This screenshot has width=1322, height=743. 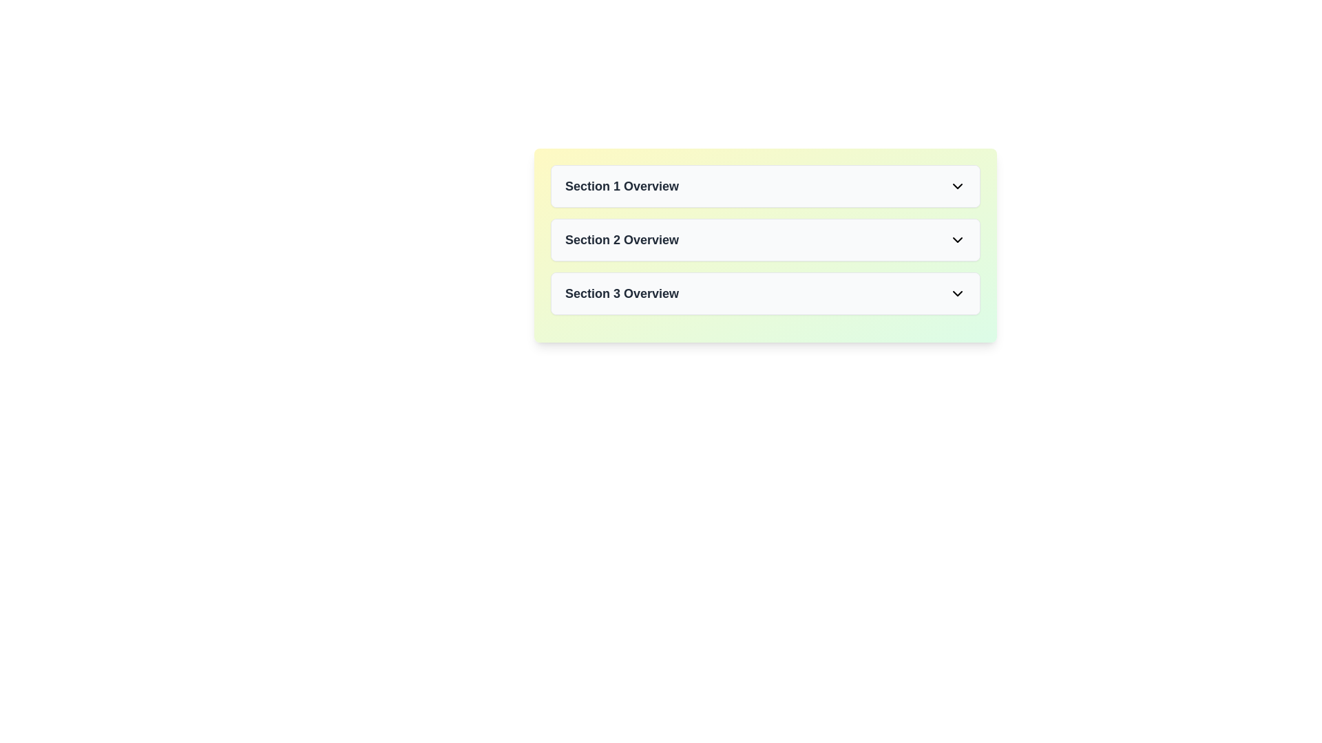 I want to click on the downward-facing chevron arrow icon located on the far-right side of the 'Section 3 Overview' row, so click(x=957, y=293).